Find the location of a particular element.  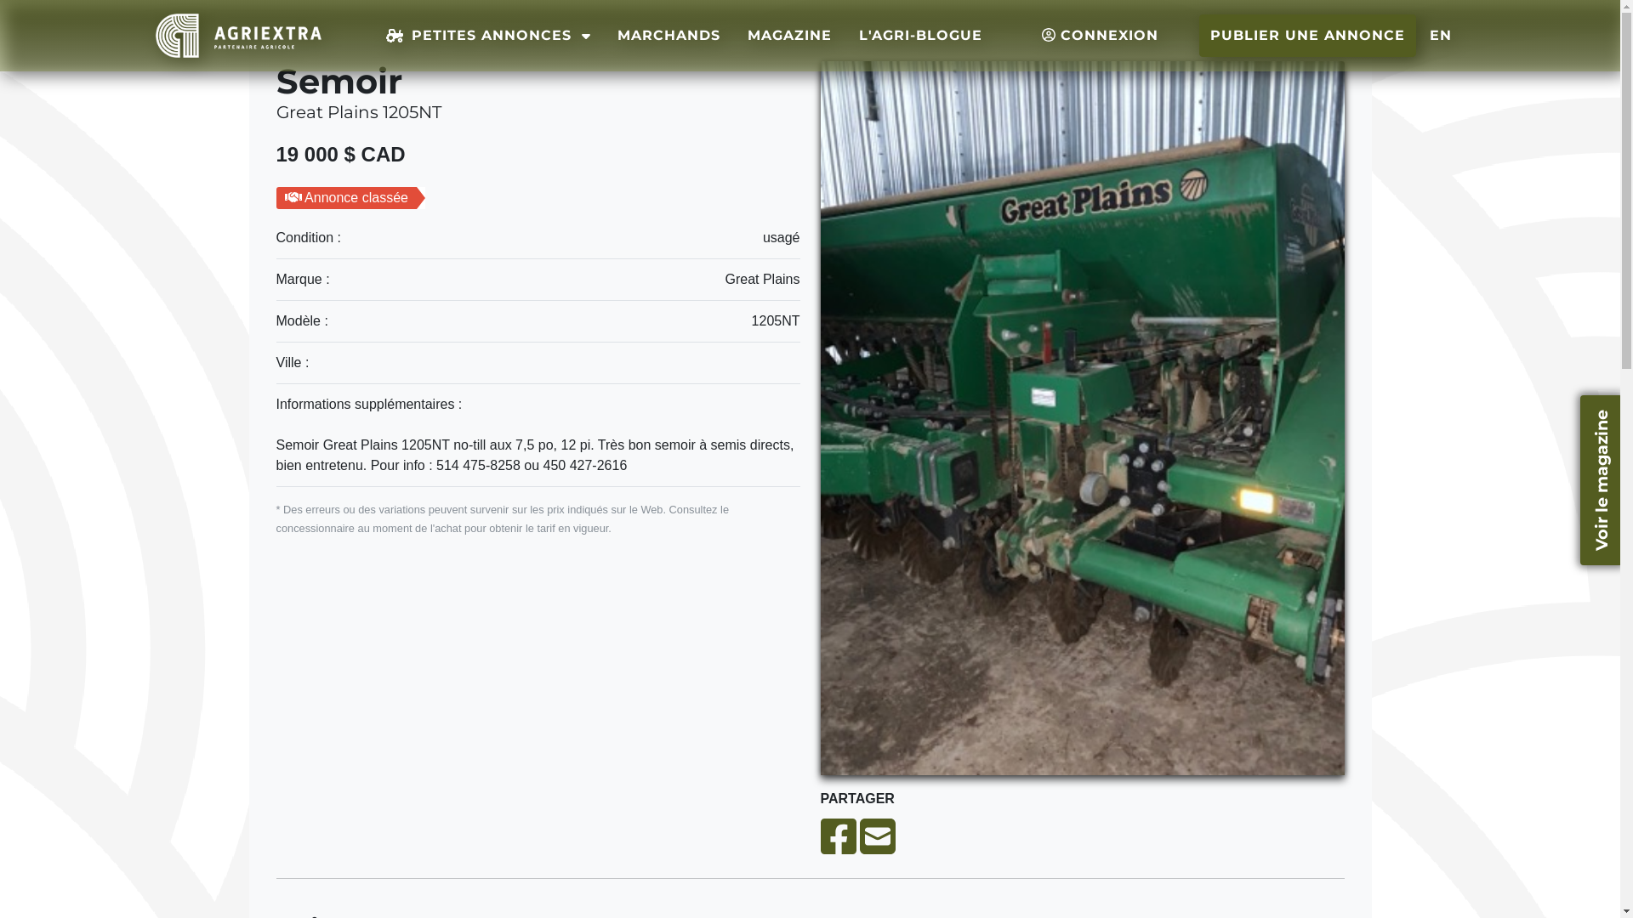

'PETITES ANNONCES' is located at coordinates (487, 35).